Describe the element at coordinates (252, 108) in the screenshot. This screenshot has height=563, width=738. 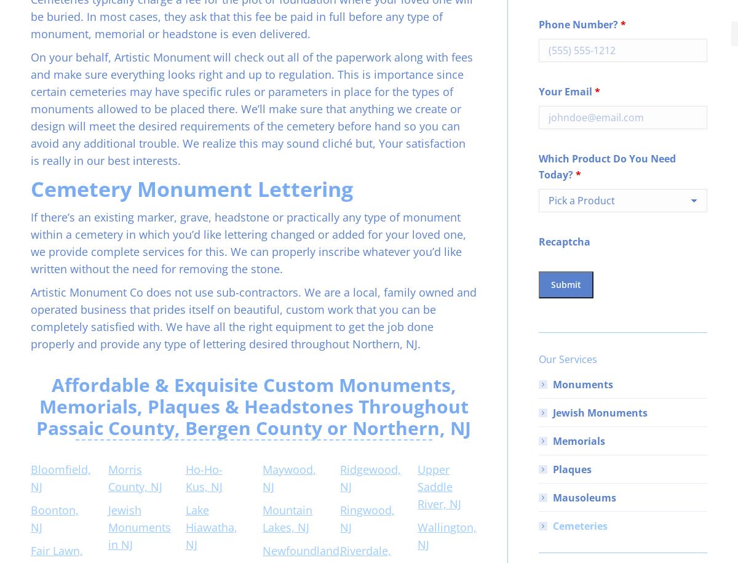
I see `'On your behalf, Artistic Monument will check out all of the paperwork along with fees and make sure everything looks right and up to regulation. This is importance since certain cemeteries may have specific rules or parameters in place for the types of monuments allowed to be placed there. We’ll make sure that anything we create or design will meet the desired requirements of the cemetery before hand so you can avoid any additional trouble. We realize this may sound cliché but, Your satisfaction is really in our best interests.'` at that location.